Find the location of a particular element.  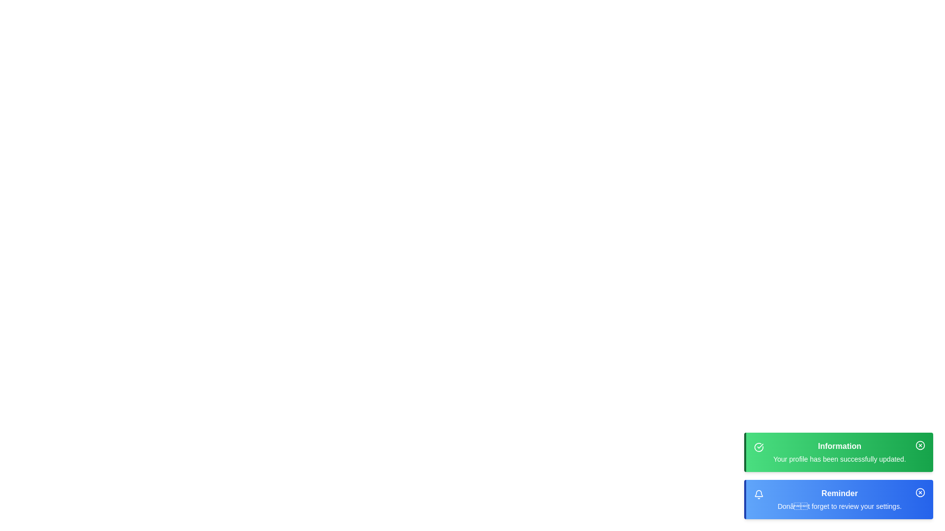

the circular graphical icon in the top-right corner of the blue 'Reminder' bar, which is part of a cross symbol representing a 'close' button is located at coordinates (920, 493).